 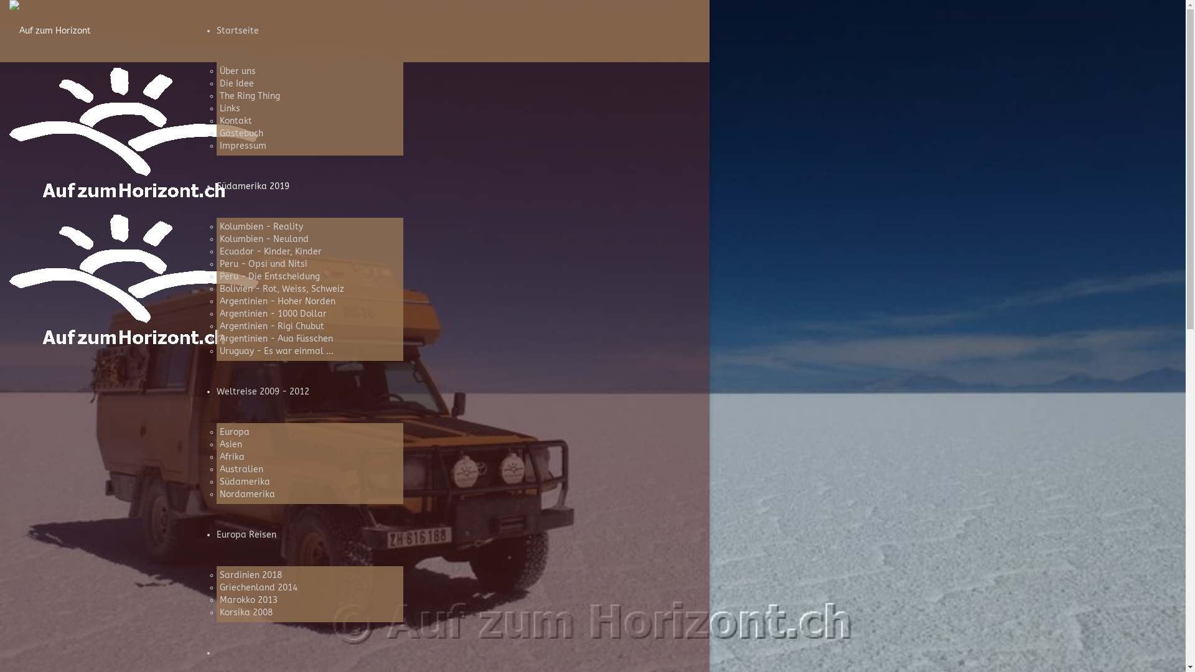 What do you see at coordinates (216, 30) in the screenshot?
I see `'Startseite'` at bounding box center [216, 30].